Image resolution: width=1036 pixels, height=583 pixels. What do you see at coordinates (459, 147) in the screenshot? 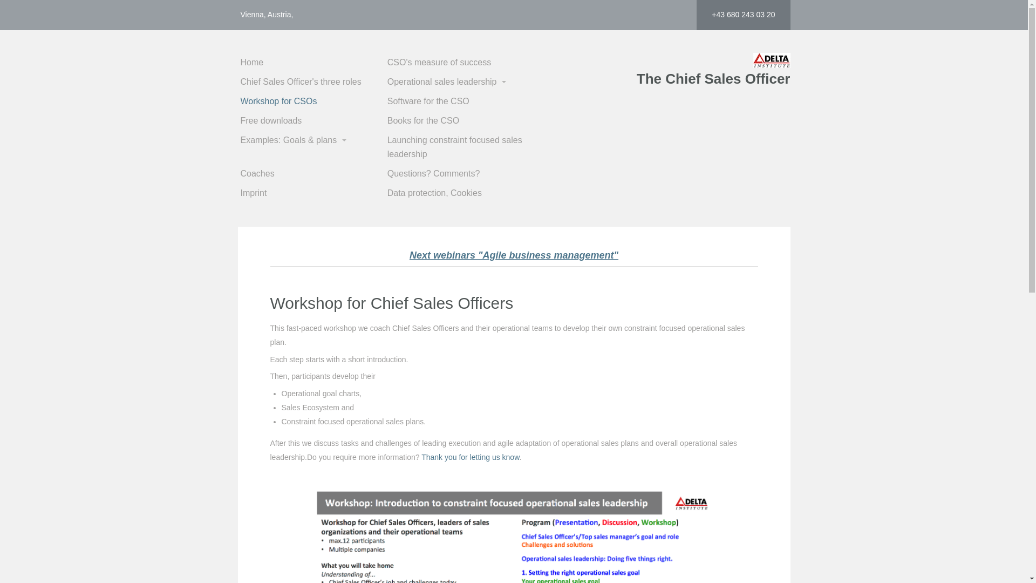
I see `'Launching constraint focused sales leadership'` at bounding box center [459, 147].